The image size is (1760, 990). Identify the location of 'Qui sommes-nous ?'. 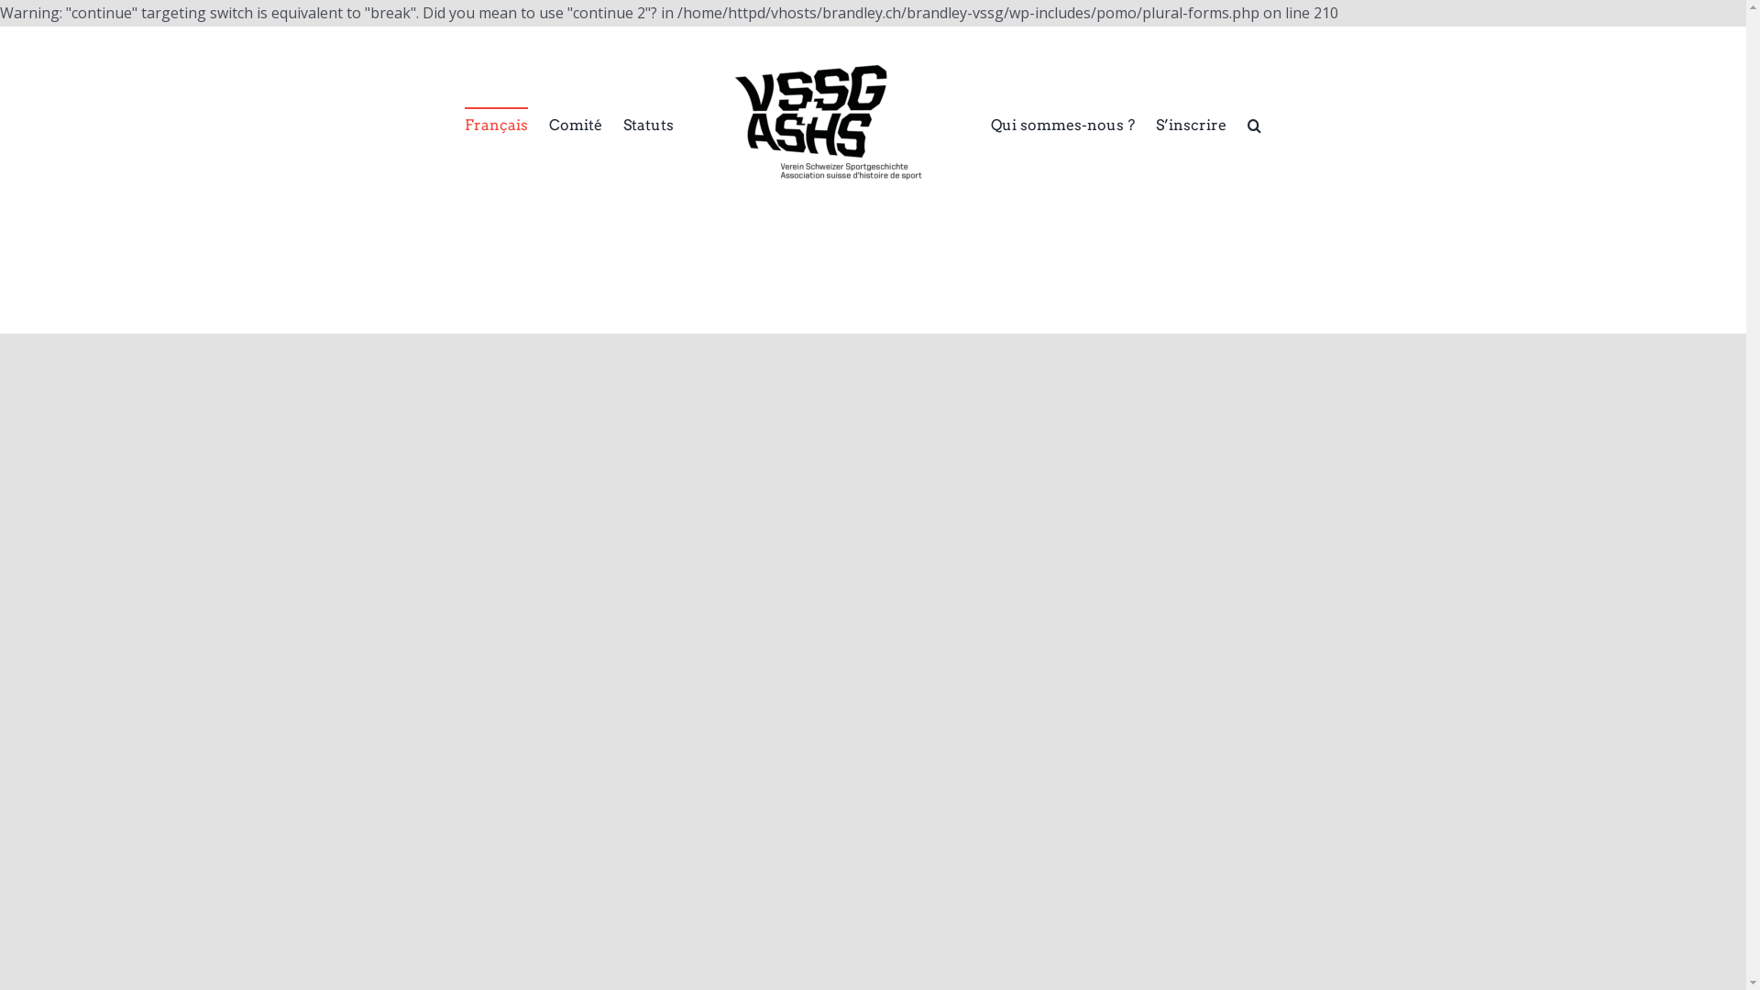
(1061, 124).